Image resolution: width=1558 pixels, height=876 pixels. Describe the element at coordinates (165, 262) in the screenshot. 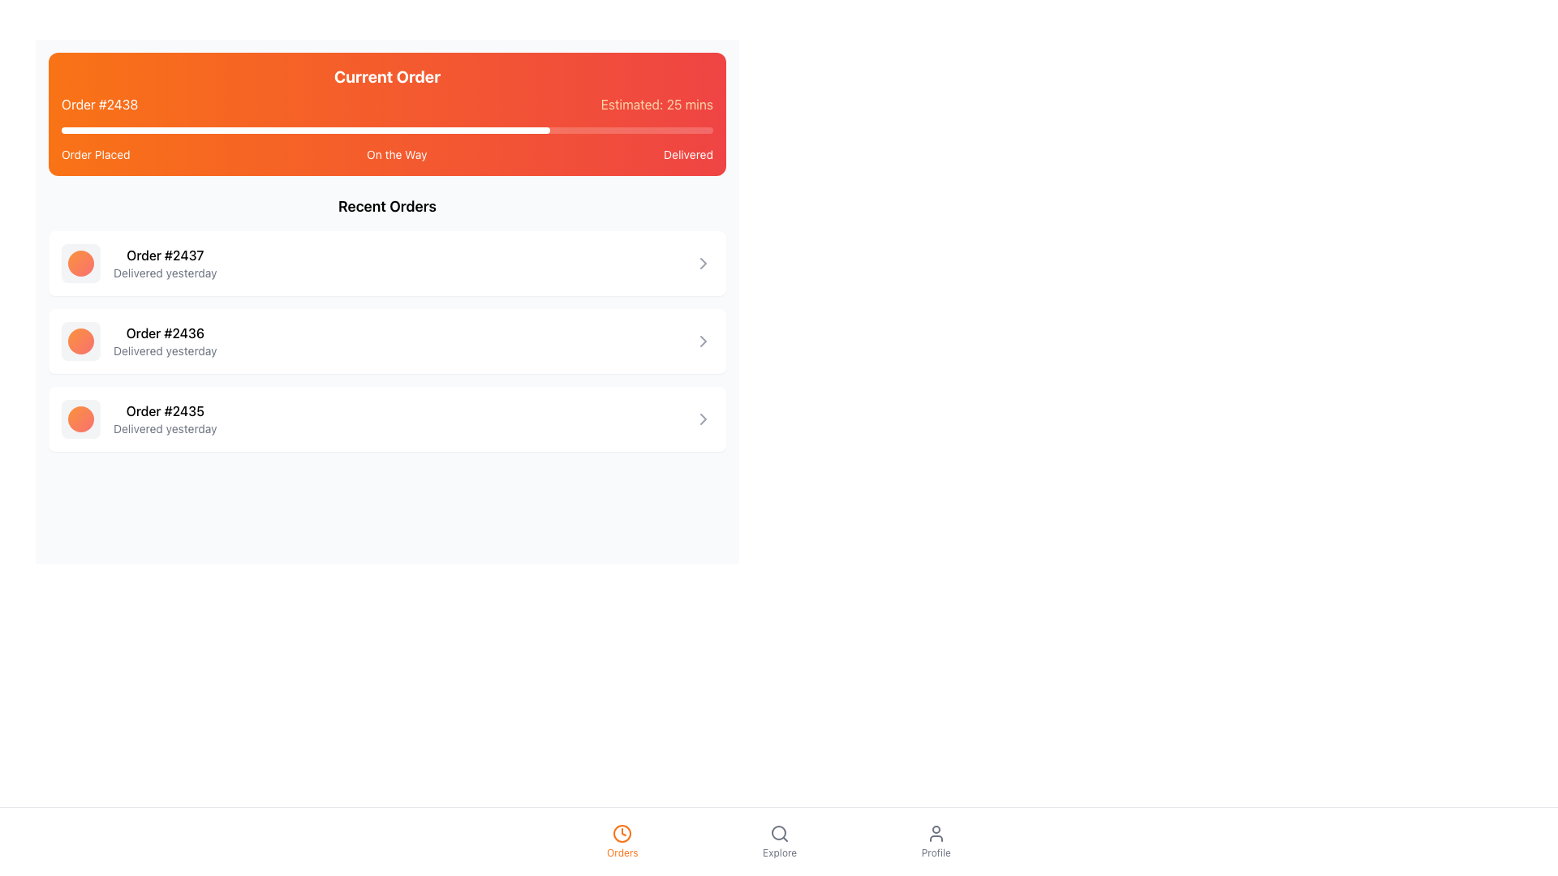

I see `the text block element displaying 'Order #2437' with the smaller text 'Delivered yesterday' located in the 'Recent Orders' section` at that location.